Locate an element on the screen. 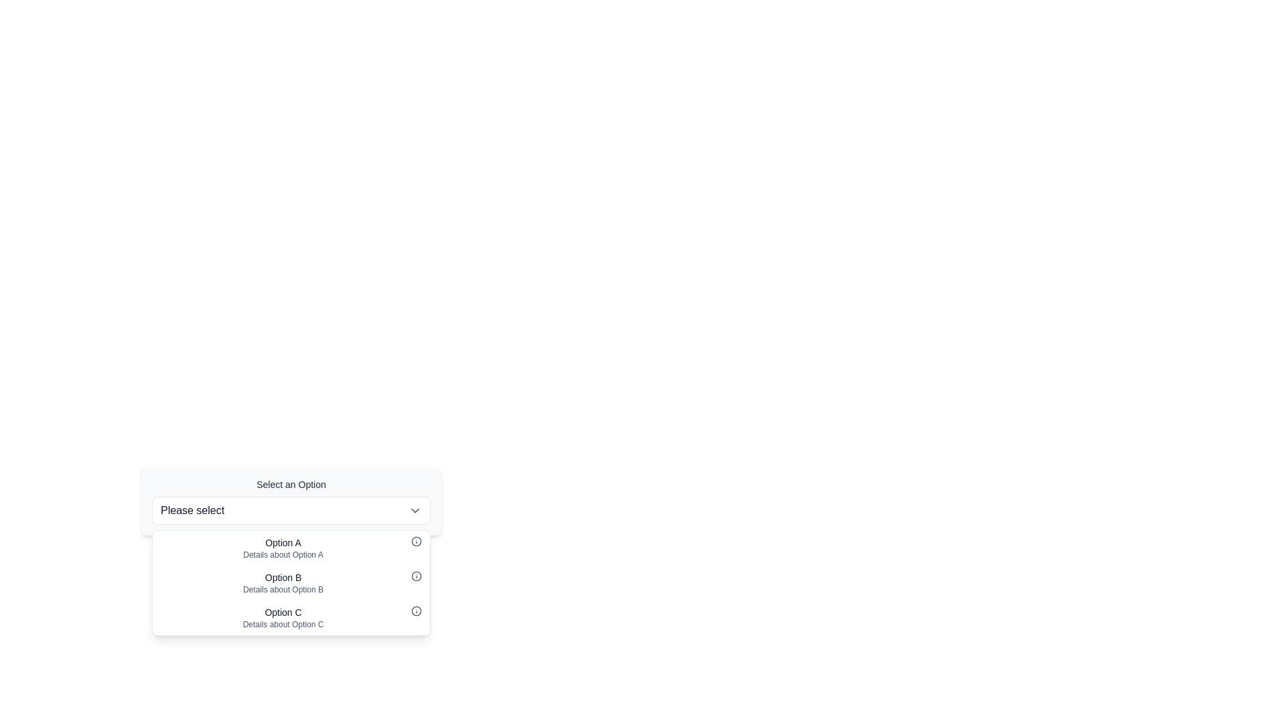 This screenshot has width=1286, height=723. the information icon button located to the right of 'Option B' in the dropdown menu, which provides additional details about 'Option B' is located at coordinates (416, 575).